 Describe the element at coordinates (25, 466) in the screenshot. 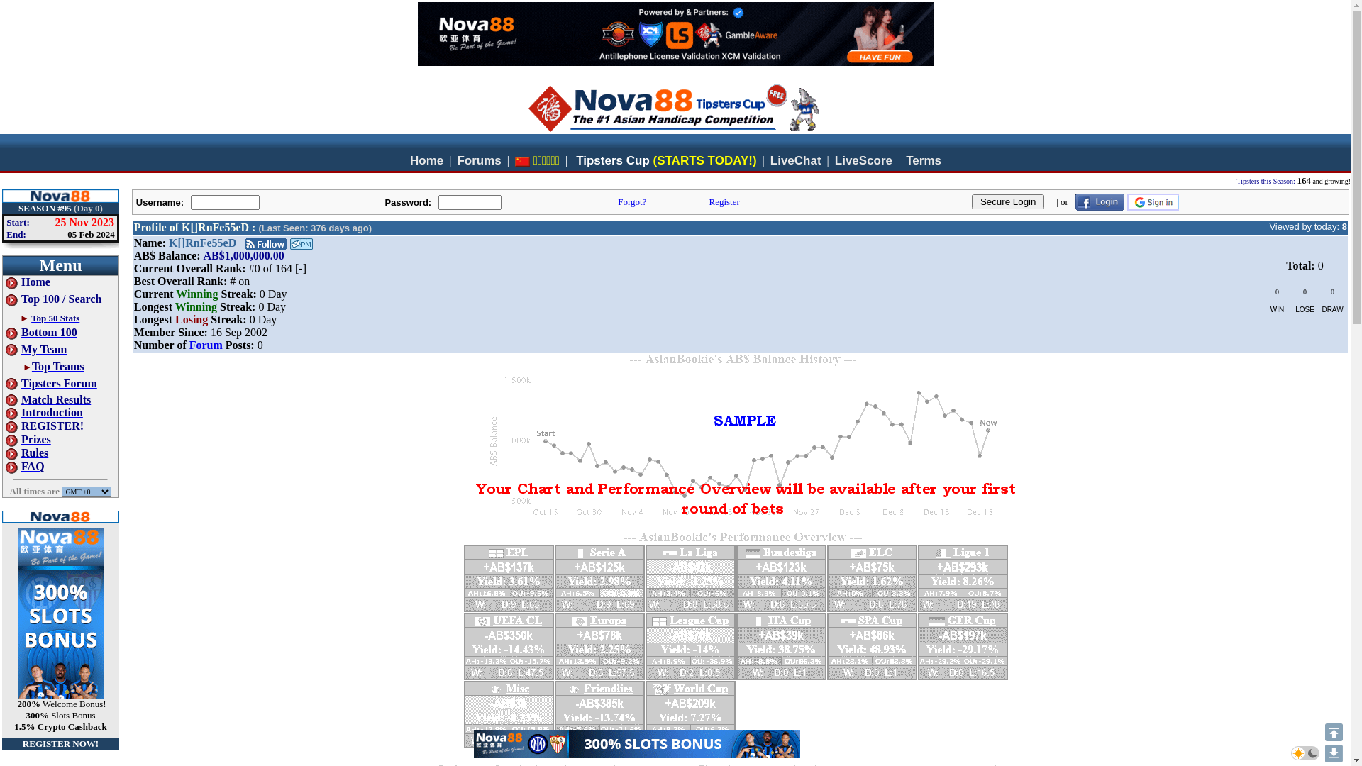

I see `'FAQ'` at that location.